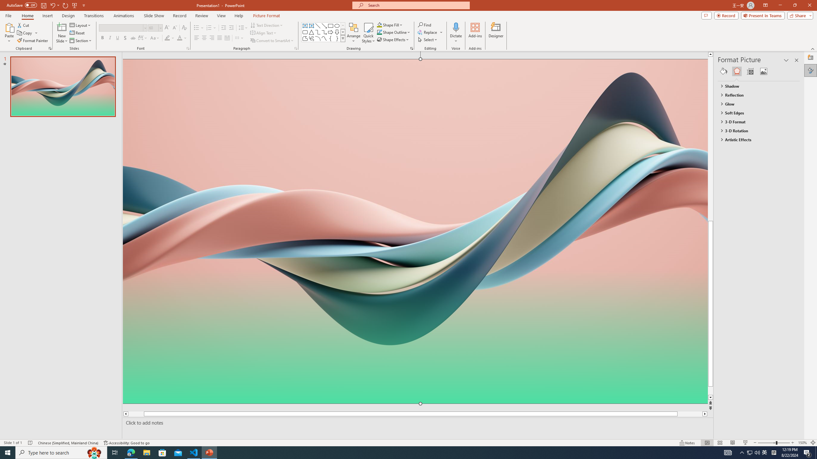 The width and height of the screenshot is (817, 459). I want to click on 'Effects', so click(737, 71).